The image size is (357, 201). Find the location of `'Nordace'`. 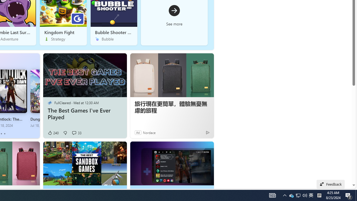

'Nordace' is located at coordinates (149, 132).